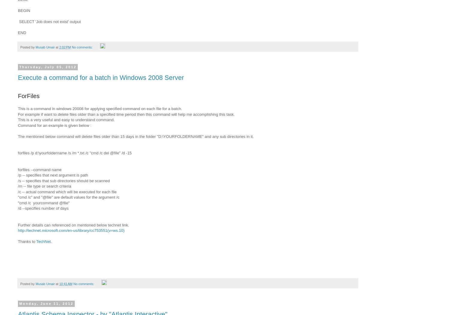  I want to click on 'The mentioned below command will delete files older than 15 days in the folder "D:\YOURFOLDERNAME" and any sub directories in it.', so click(136, 136).